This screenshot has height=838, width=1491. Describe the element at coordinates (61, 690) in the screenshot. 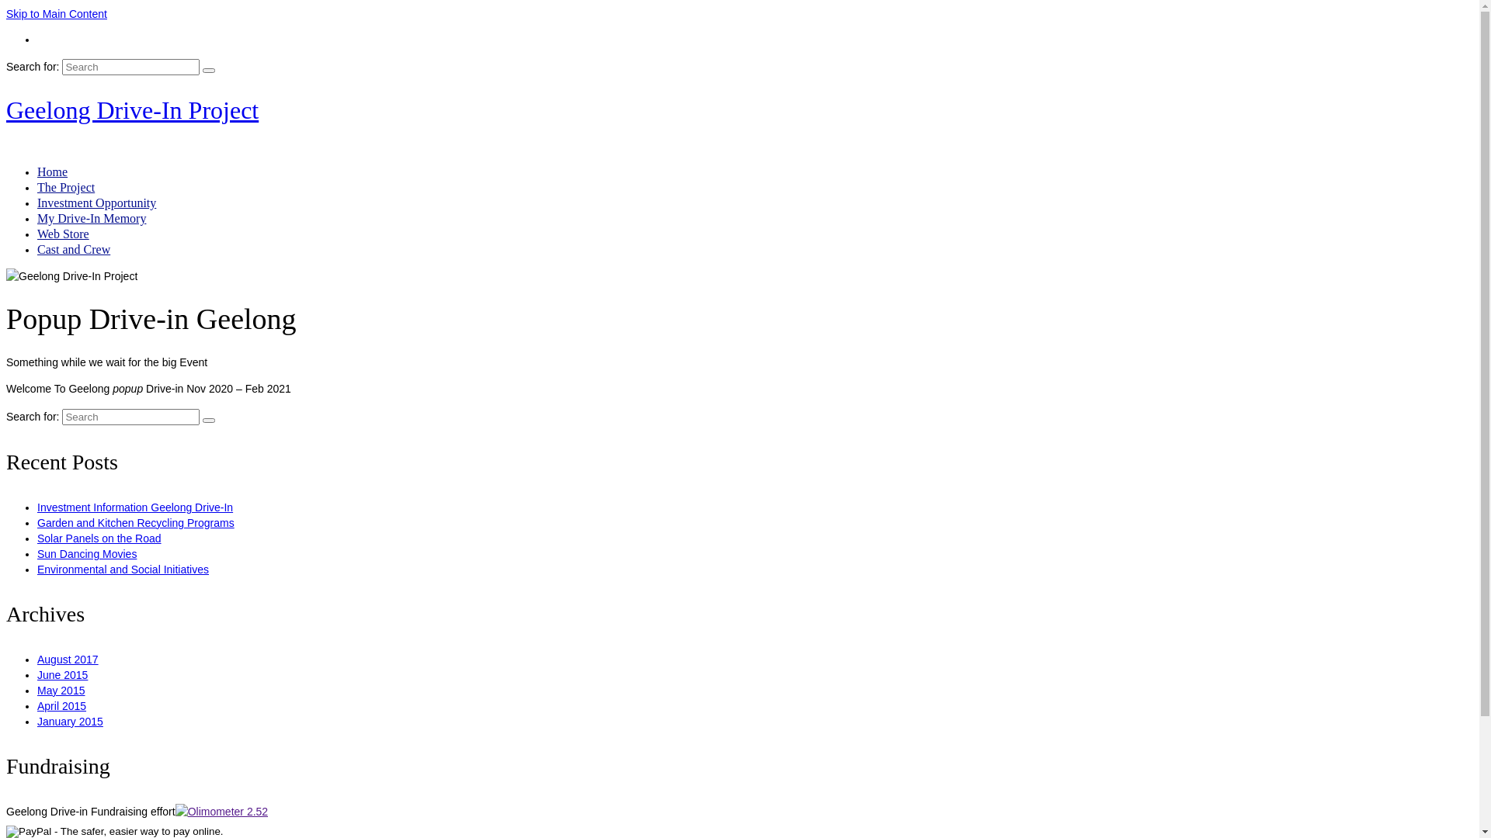

I see `'May 2015'` at that location.